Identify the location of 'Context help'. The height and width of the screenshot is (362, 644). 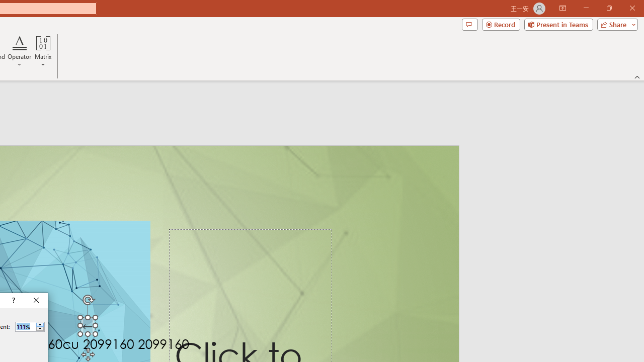
(13, 300).